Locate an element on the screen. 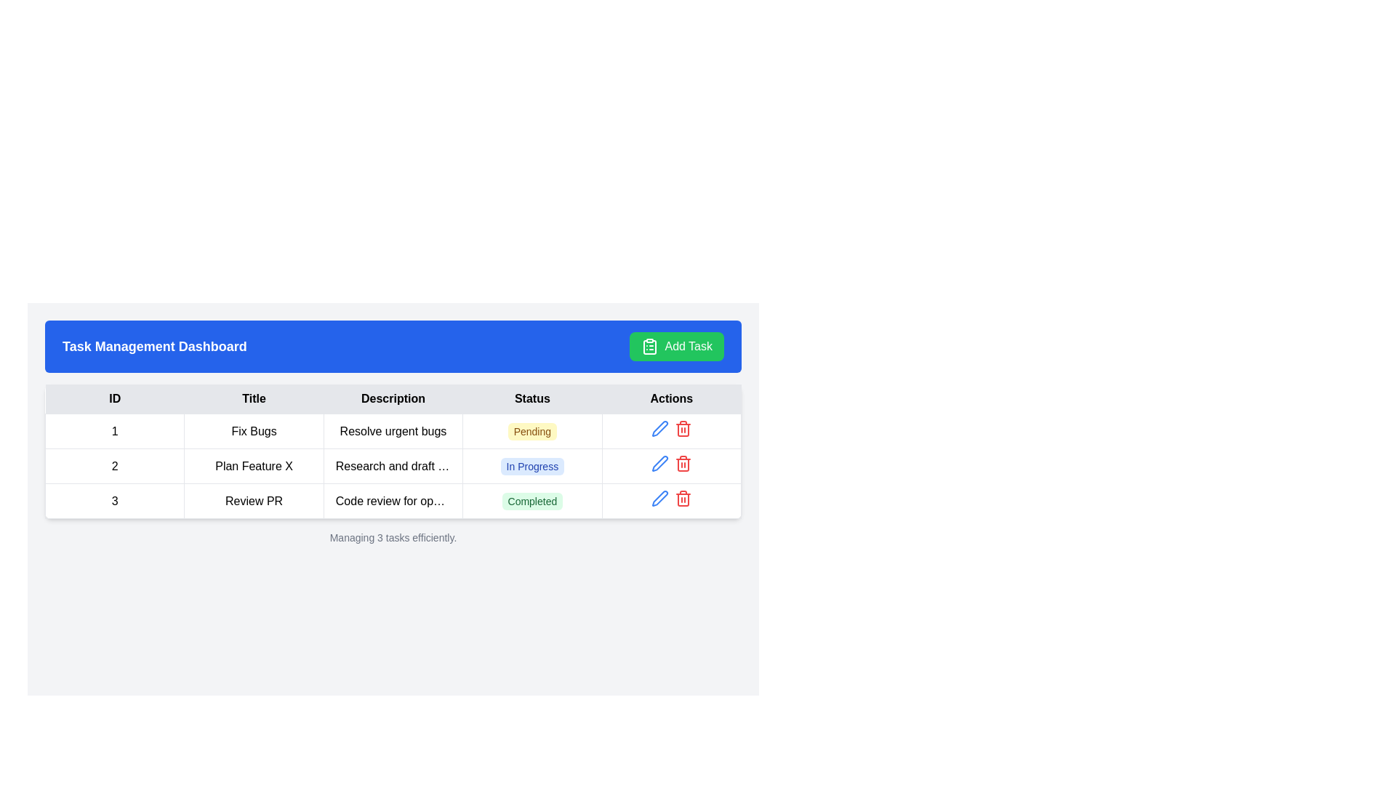 Image resolution: width=1396 pixels, height=785 pixels. the status indicator in the 'Status' column of the second row is located at coordinates (531, 466).